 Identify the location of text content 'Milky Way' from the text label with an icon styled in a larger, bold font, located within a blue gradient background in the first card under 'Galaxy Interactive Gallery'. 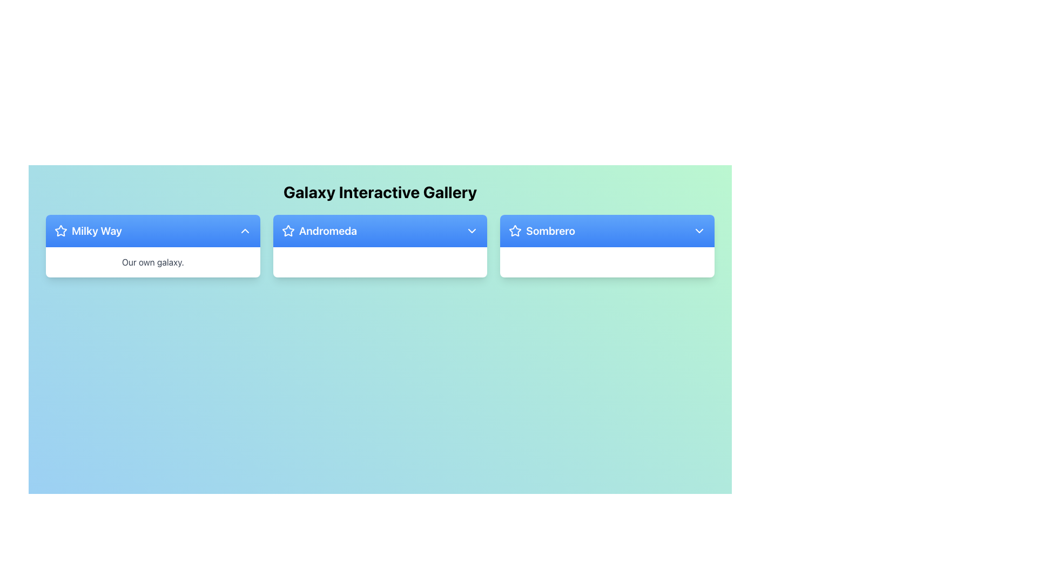
(88, 231).